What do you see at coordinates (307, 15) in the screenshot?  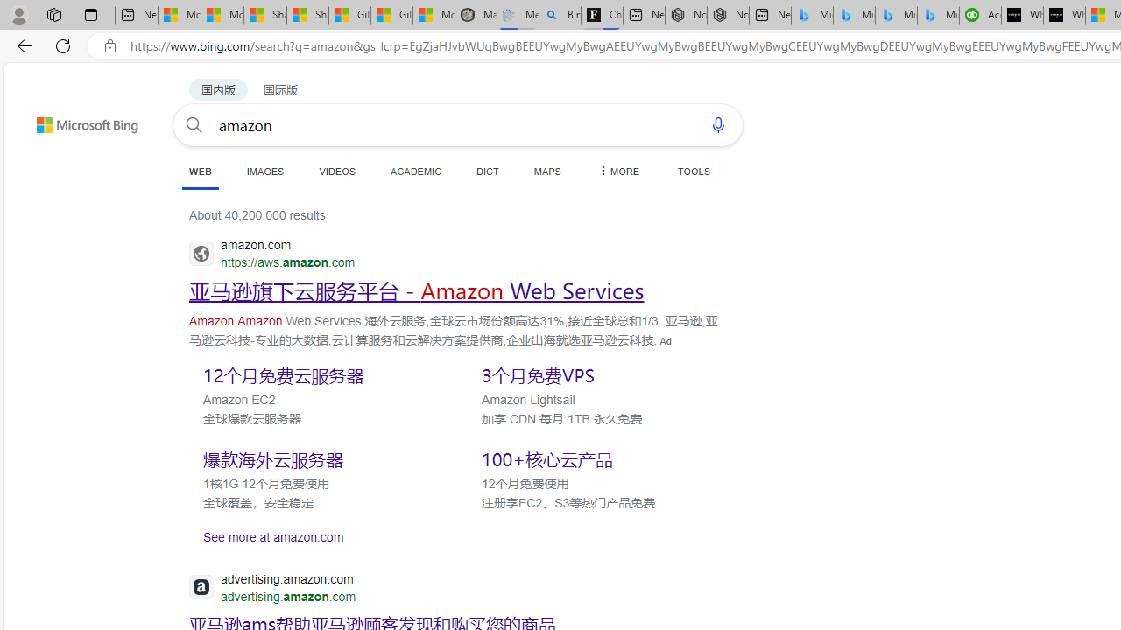 I see `'Shanghai, China weather forecast | Microsoft Weather'` at bounding box center [307, 15].